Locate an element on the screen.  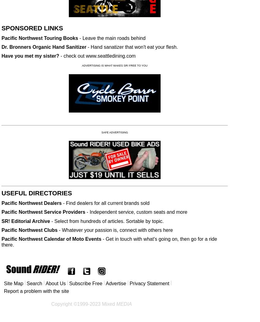
'Pacific Northwest Dealers' is located at coordinates (31, 203).